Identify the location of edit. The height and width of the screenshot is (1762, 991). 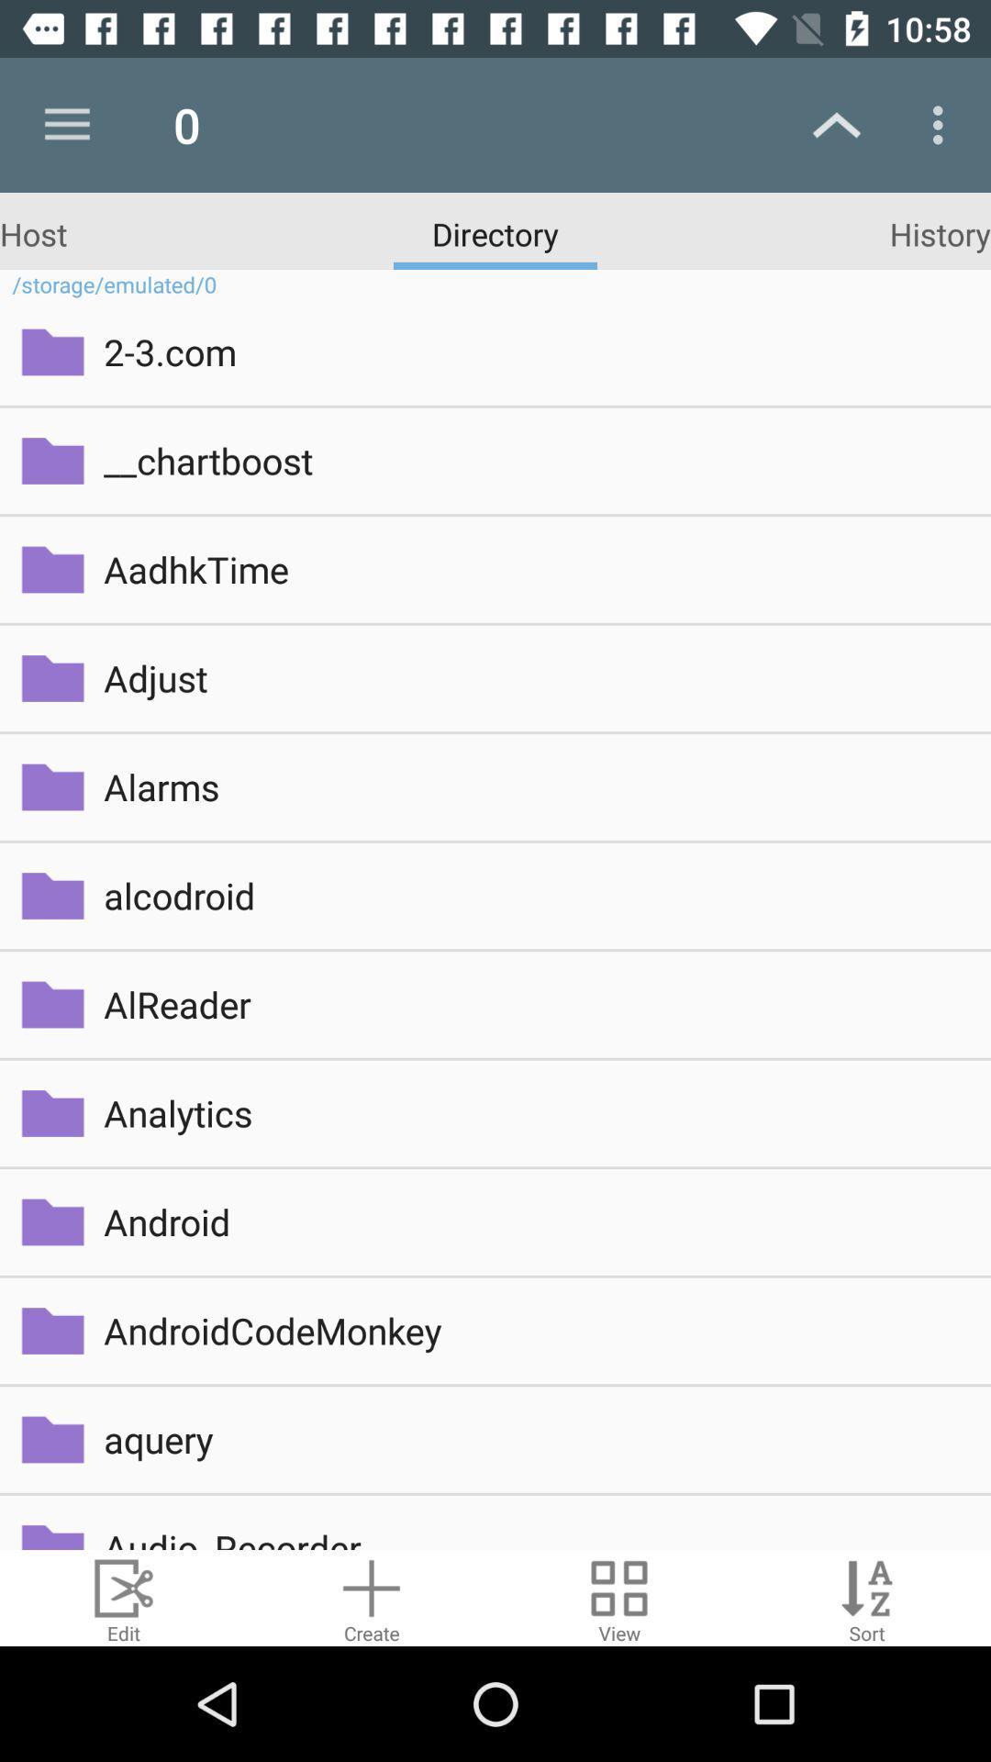
(124, 1597).